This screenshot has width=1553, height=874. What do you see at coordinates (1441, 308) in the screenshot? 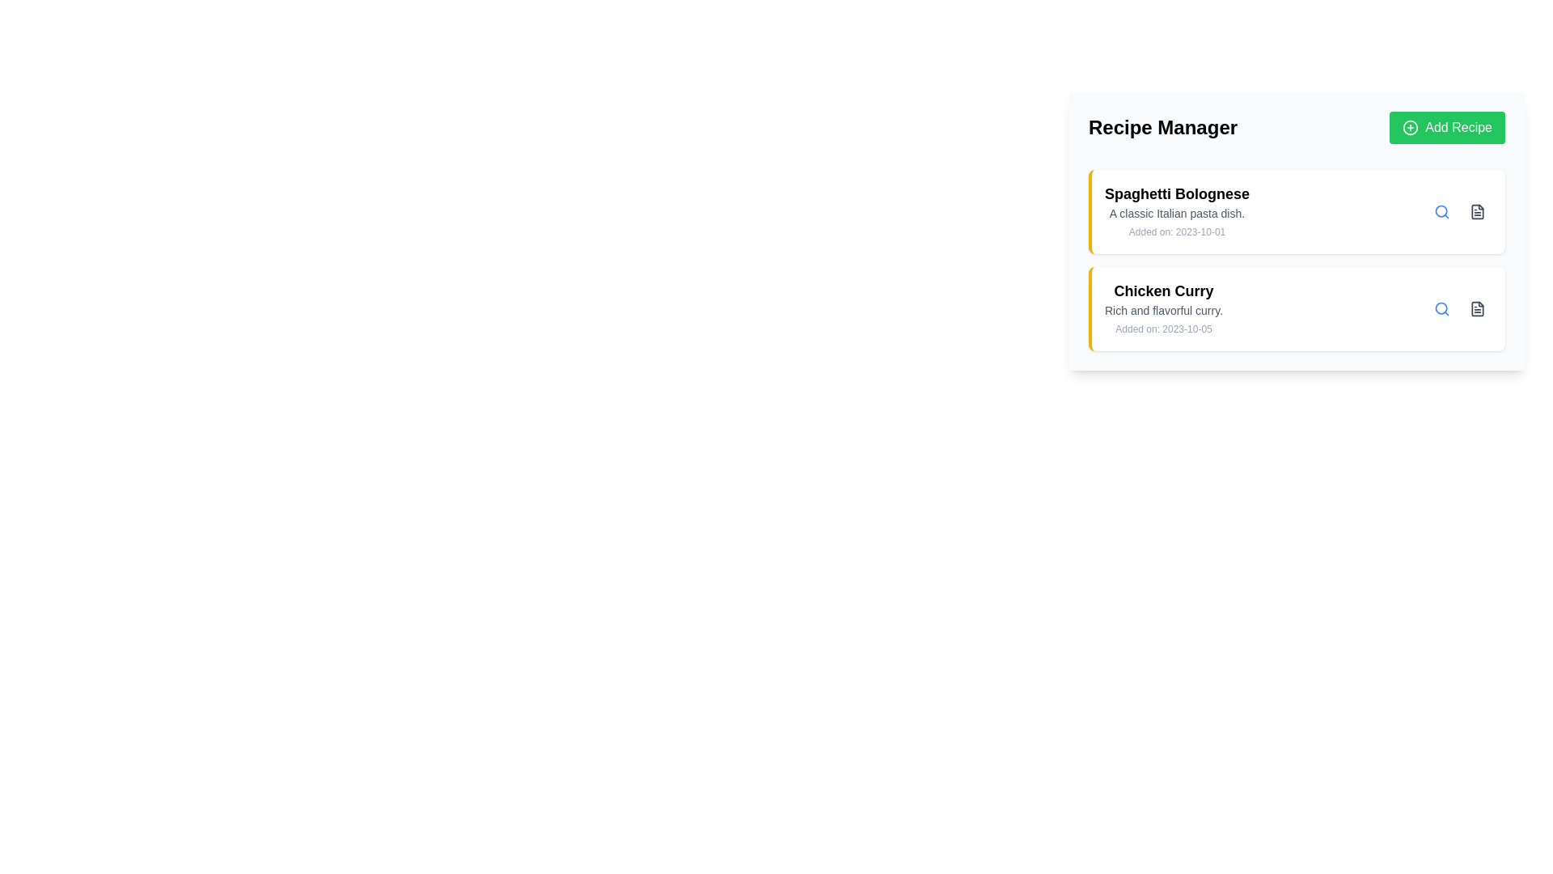
I see `the small magnifying glass icon, styled with a blue stroke, positioned to the right of the 'Chicken Curry' item to initiate a search or detail view action` at bounding box center [1441, 308].